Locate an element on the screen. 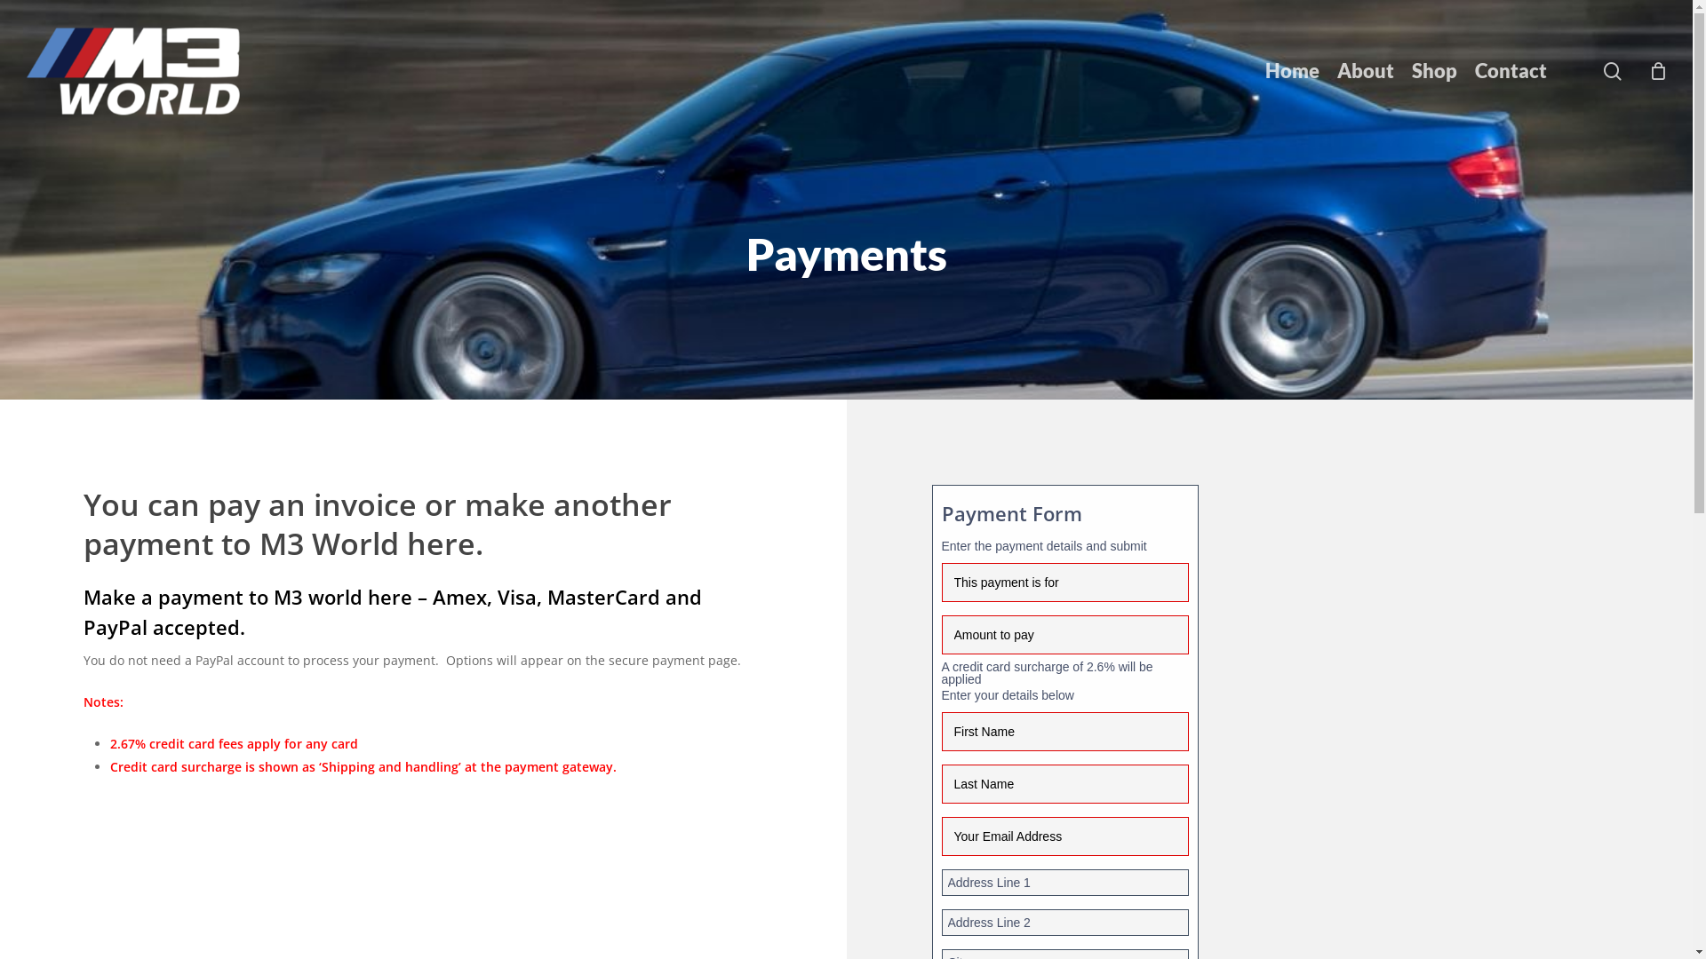 The image size is (1706, 959). 'Contact' is located at coordinates (1510, 70).